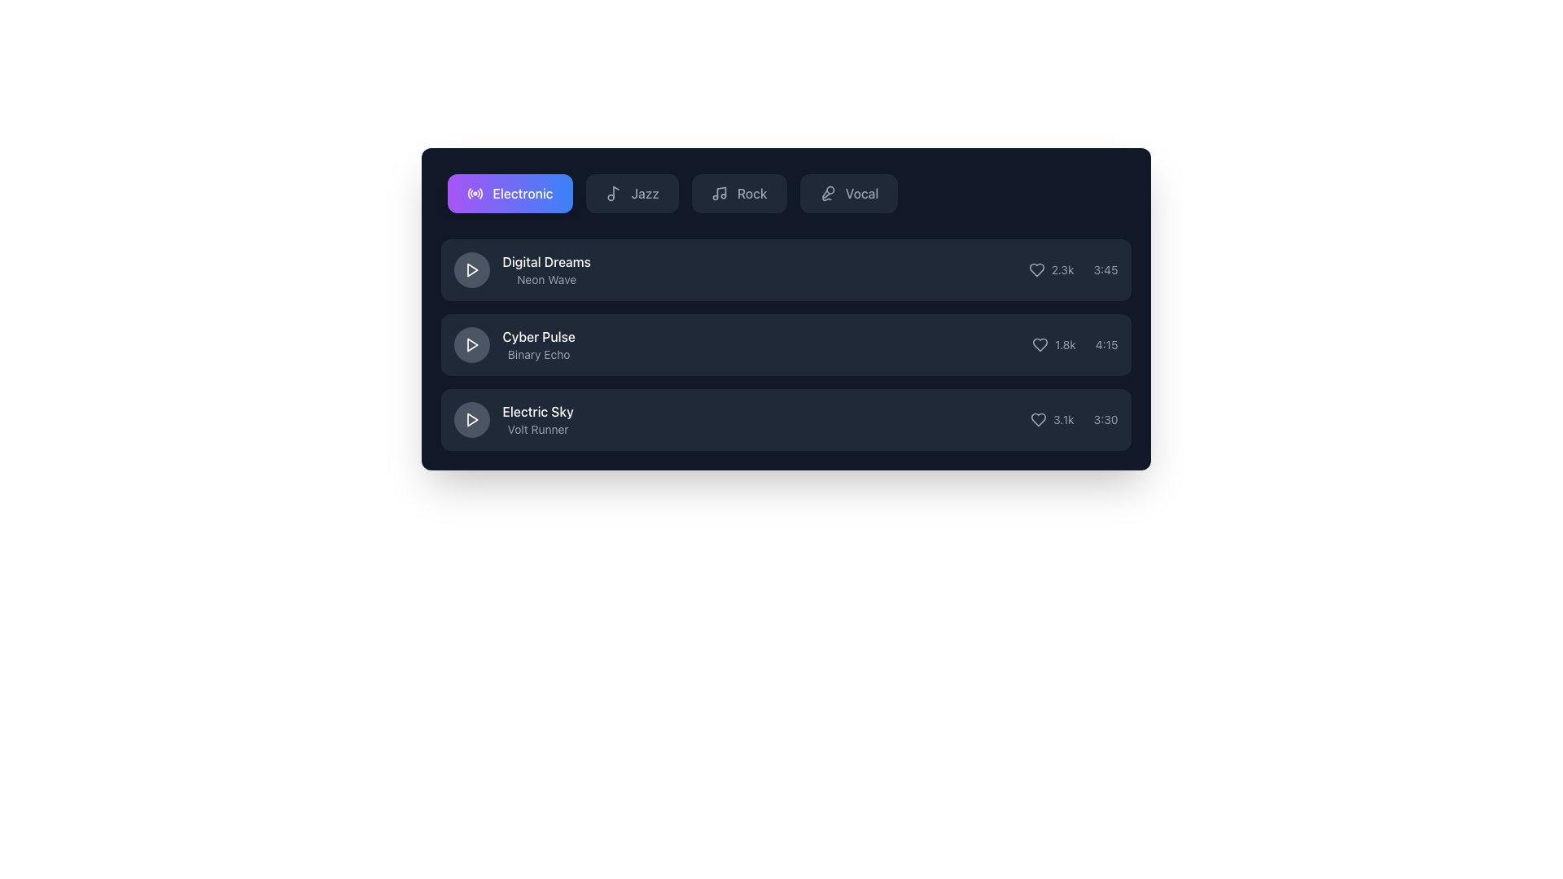 The width and height of the screenshot is (1563, 879). Describe the element at coordinates (522, 269) in the screenshot. I see `the first list item containing 'Digital Dreams' and 'Neon Wave'` at that location.